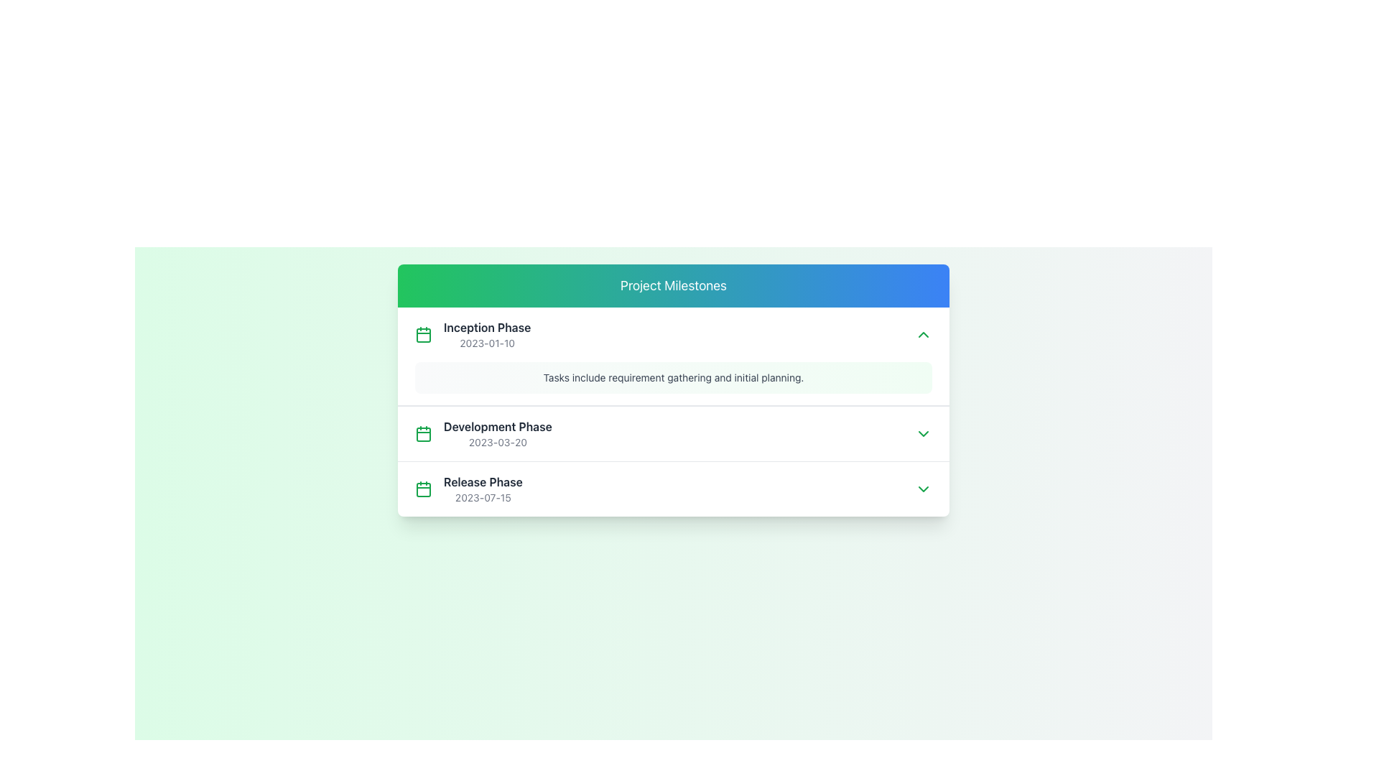 The image size is (1379, 776). Describe the element at coordinates (498, 433) in the screenshot. I see `displayed text and date from the second Text Display Block in the project timeline, which is positioned centrally between the 'Inception Phase' and 'Release Phase'` at that location.